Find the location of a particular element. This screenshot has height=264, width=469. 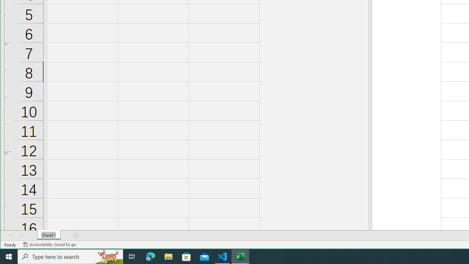

'Sheet Tab' is located at coordinates (48, 235).